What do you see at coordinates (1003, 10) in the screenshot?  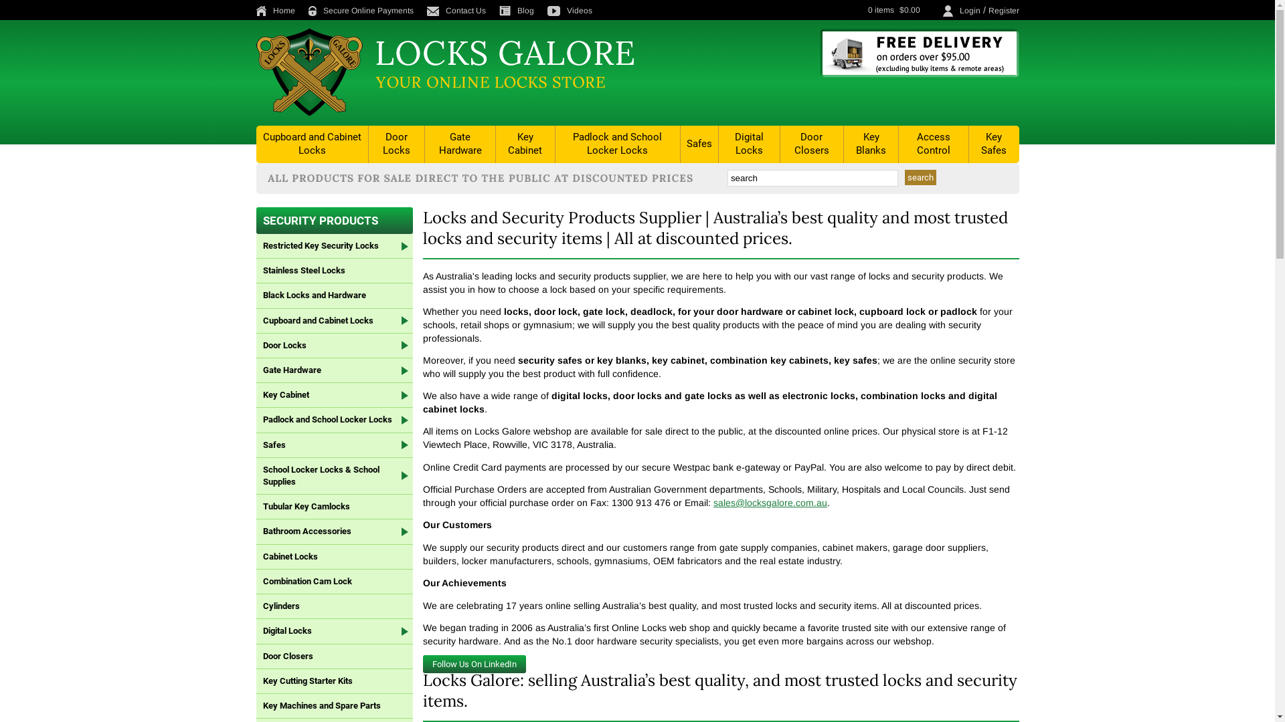 I see `'Register'` at bounding box center [1003, 10].